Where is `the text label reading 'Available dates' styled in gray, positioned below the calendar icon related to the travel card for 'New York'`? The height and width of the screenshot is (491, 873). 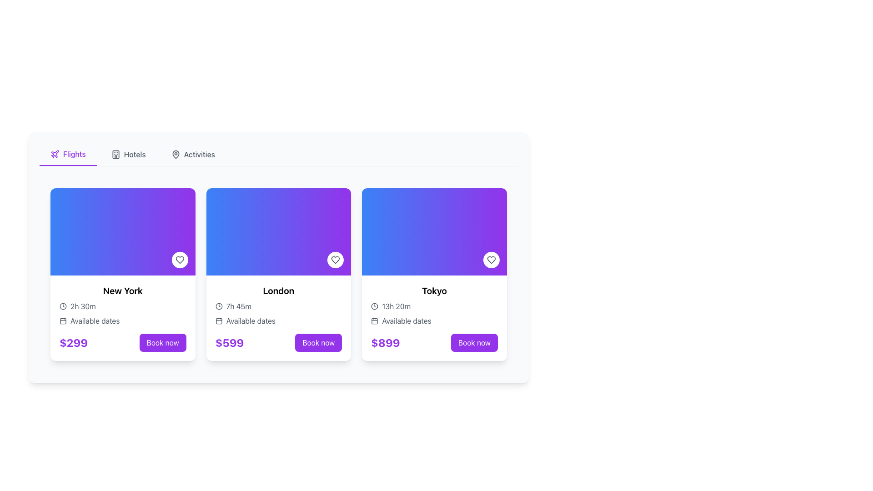 the text label reading 'Available dates' styled in gray, positioned below the calendar icon related to the travel card for 'New York' is located at coordinates (95, 320).